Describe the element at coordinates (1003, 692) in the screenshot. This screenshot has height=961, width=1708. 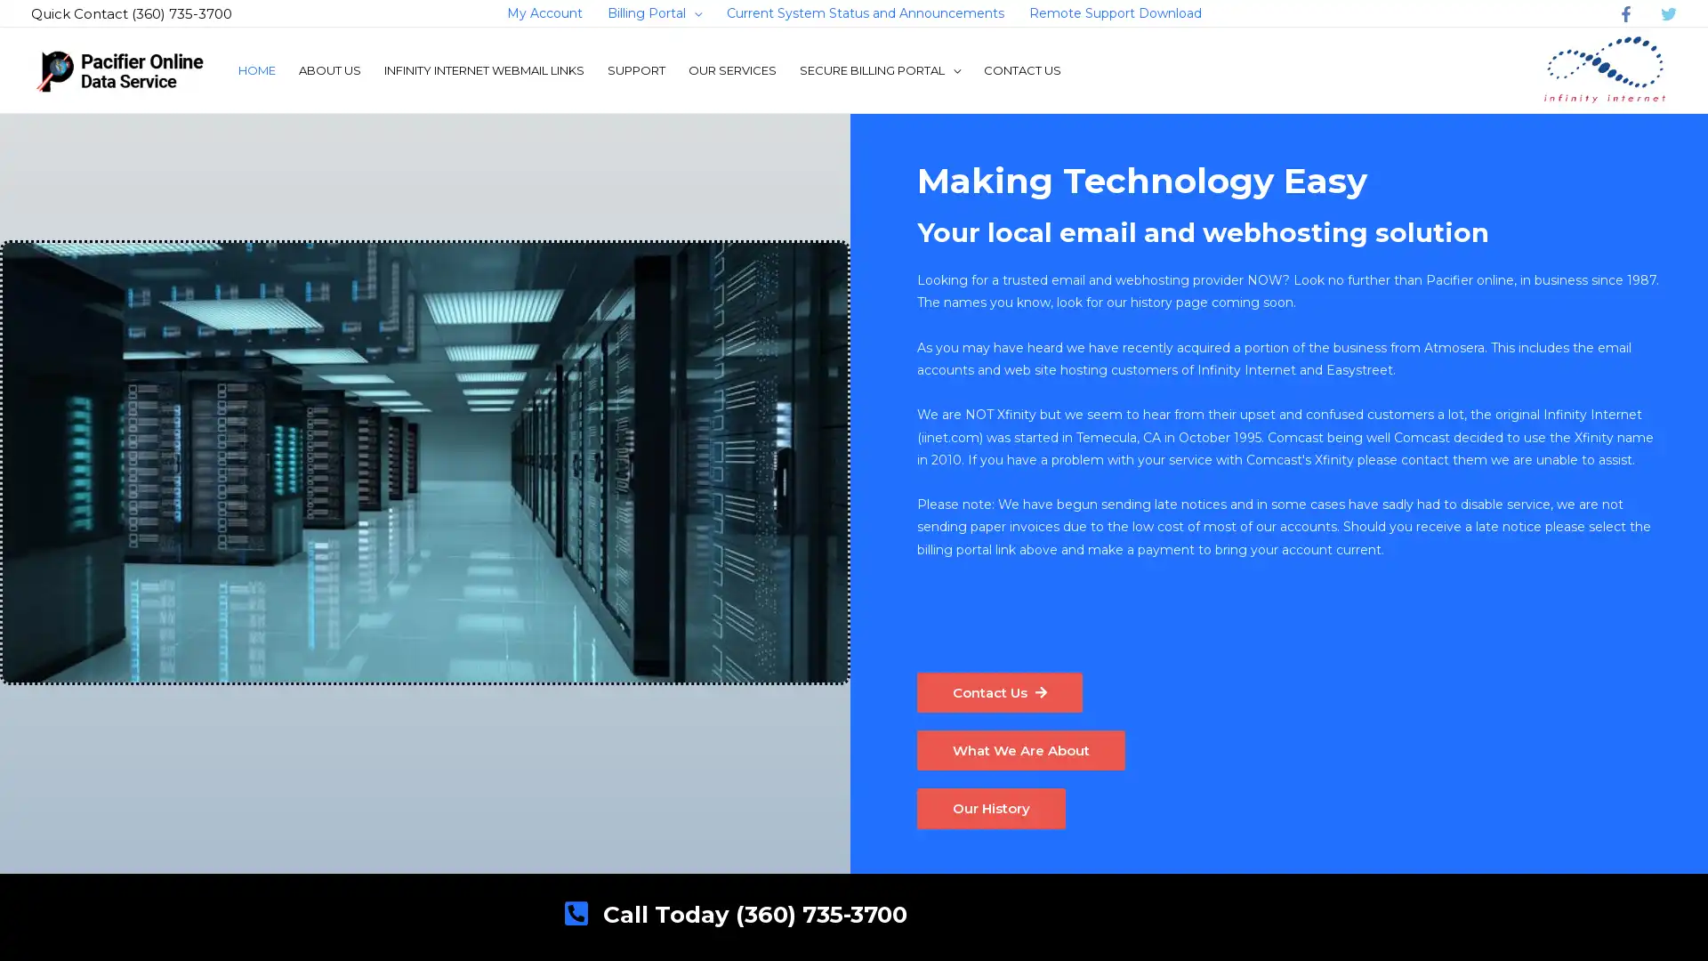
I see `Contact Us` at that location.